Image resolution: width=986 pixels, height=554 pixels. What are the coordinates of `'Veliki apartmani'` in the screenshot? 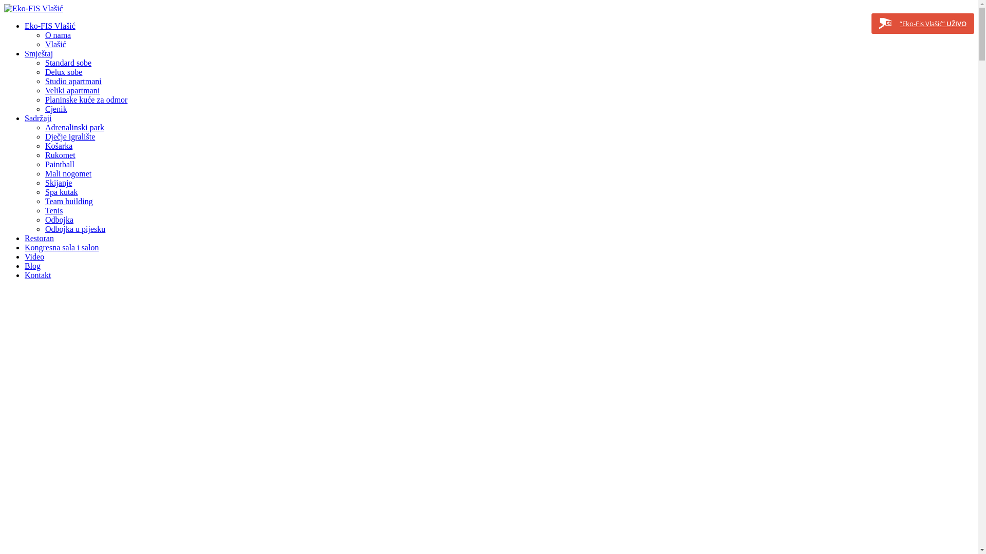 It's located at (71, 90).